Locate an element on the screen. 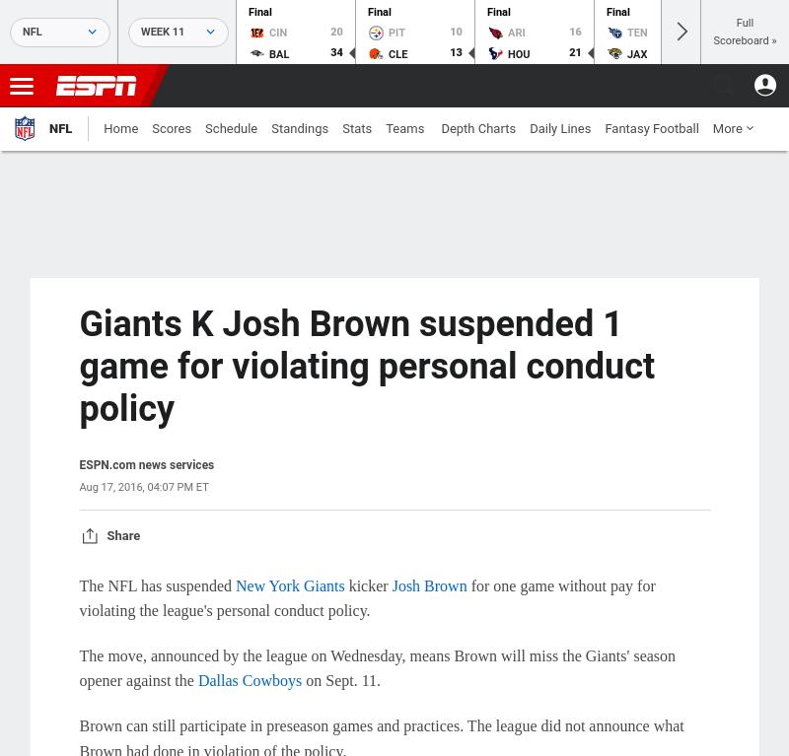 This screenshot has width=789, height=756. 'Share' is located at coordinates (121, 535).